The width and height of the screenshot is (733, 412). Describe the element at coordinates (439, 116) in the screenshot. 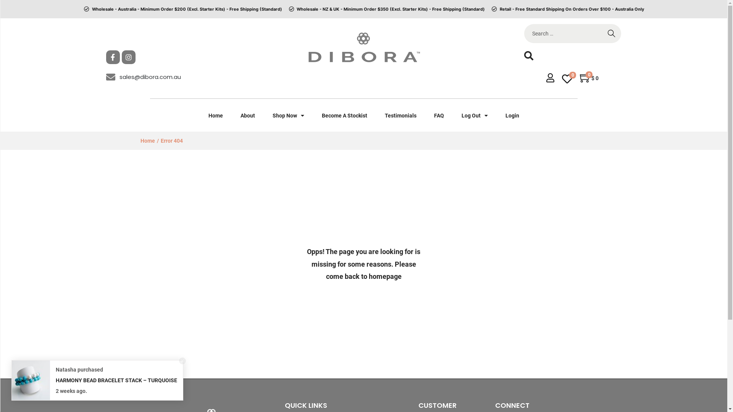

I see `'FAQ'` at that location.